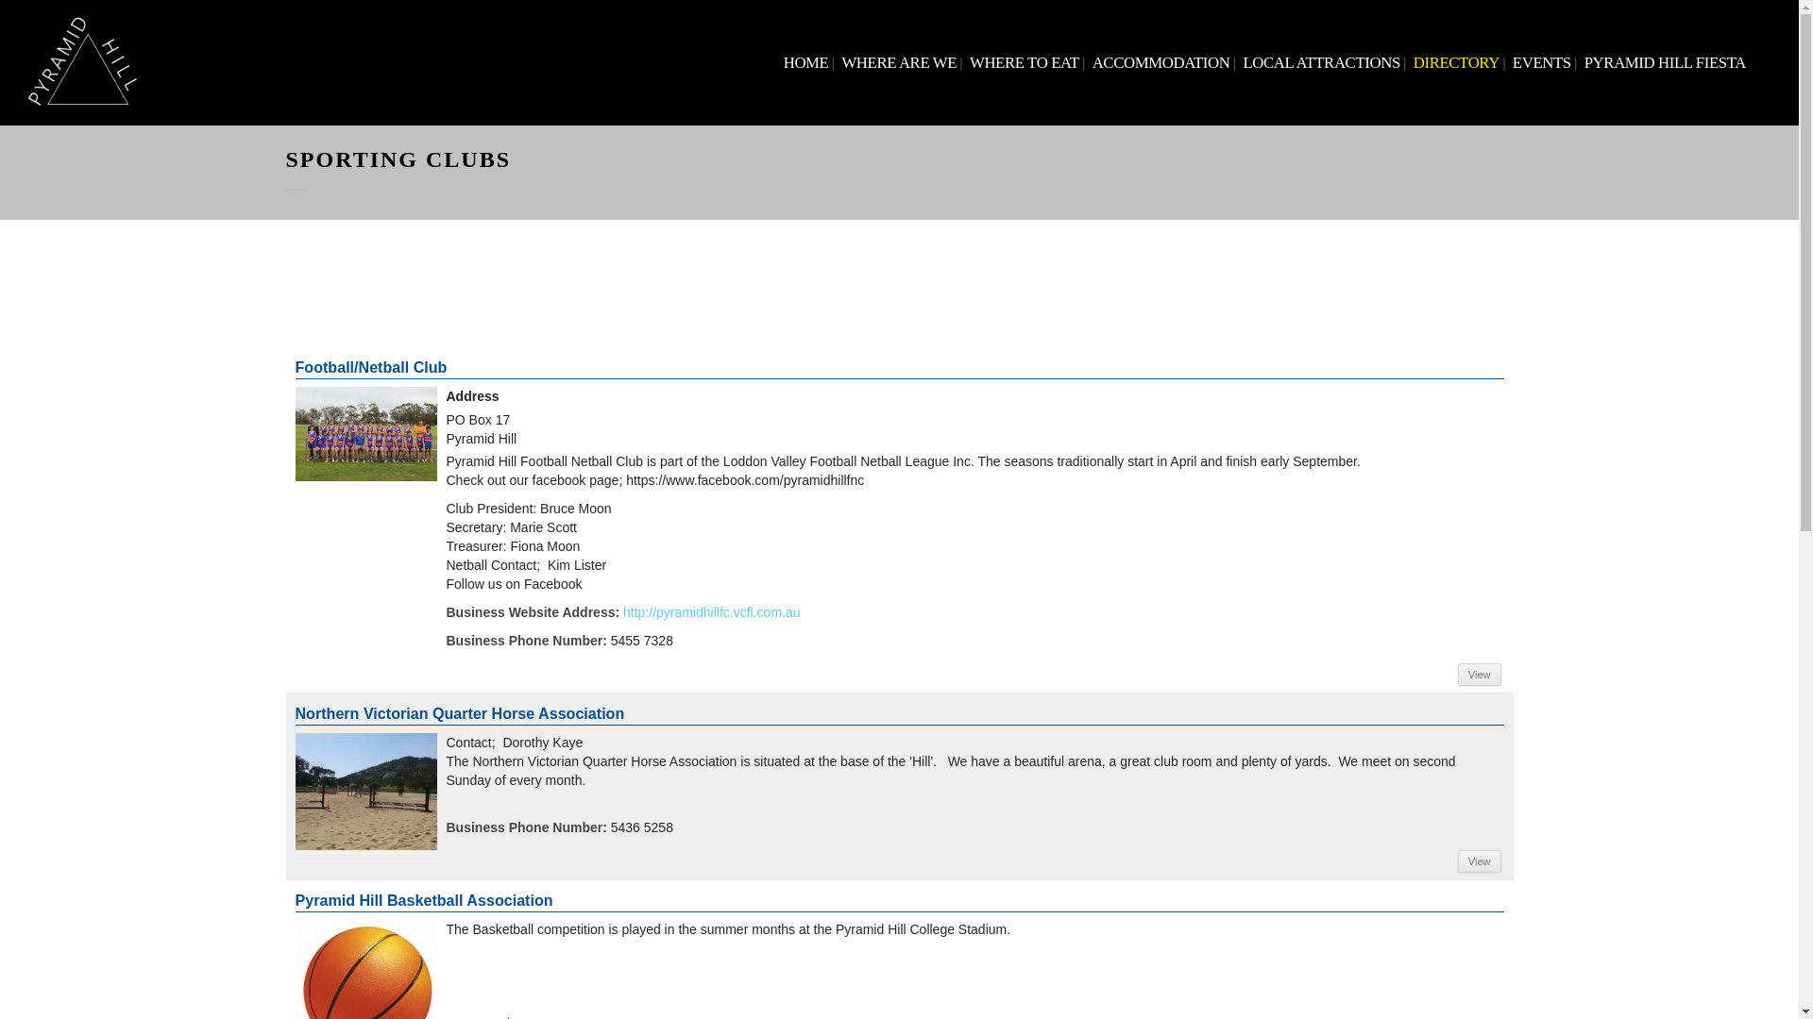 This screenshot has height=1019, width=1813. What do you see at coordinates (1160, 61) in the screenshot?
I see `'ACCOMMODATION'` at bounding box center [1160, 61].